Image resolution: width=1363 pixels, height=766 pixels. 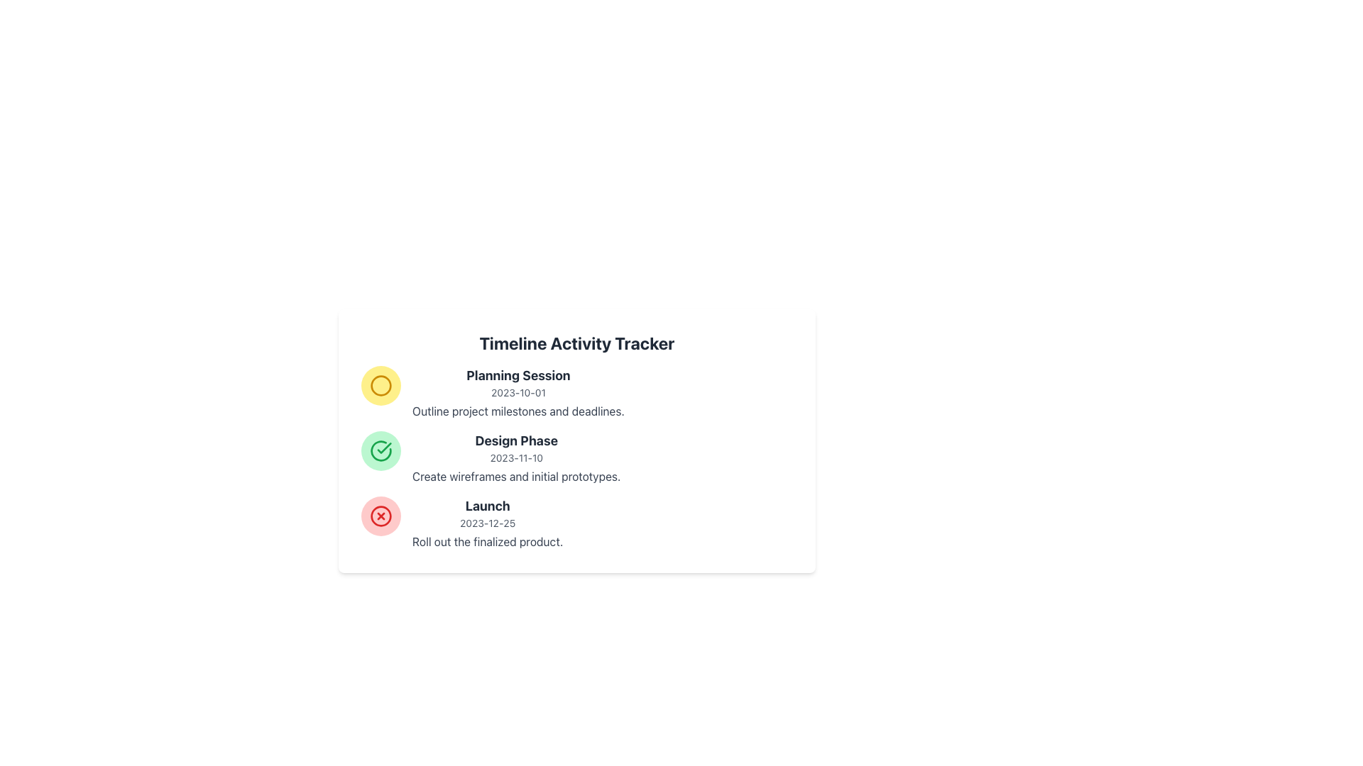 I want to click on the second Static Text Block in the 'Timeline Activity Tracker' section, so click(x=515, y=457).